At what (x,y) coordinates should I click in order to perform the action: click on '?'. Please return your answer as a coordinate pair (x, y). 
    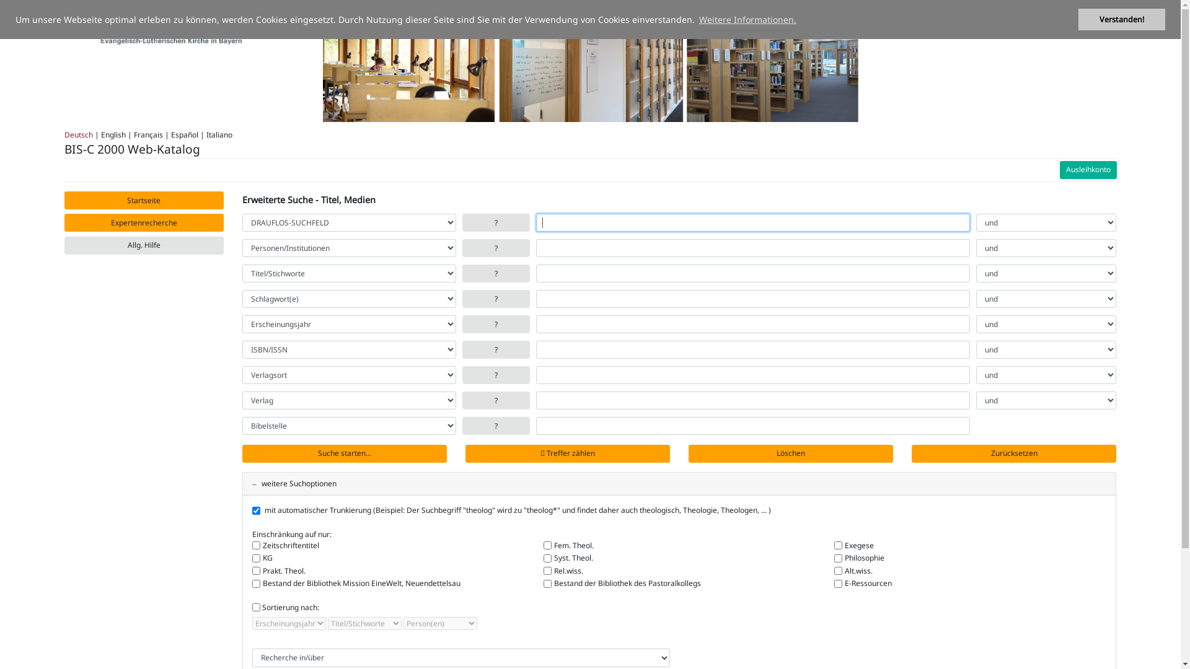
    Looking at the image, I should click on (496, 400).